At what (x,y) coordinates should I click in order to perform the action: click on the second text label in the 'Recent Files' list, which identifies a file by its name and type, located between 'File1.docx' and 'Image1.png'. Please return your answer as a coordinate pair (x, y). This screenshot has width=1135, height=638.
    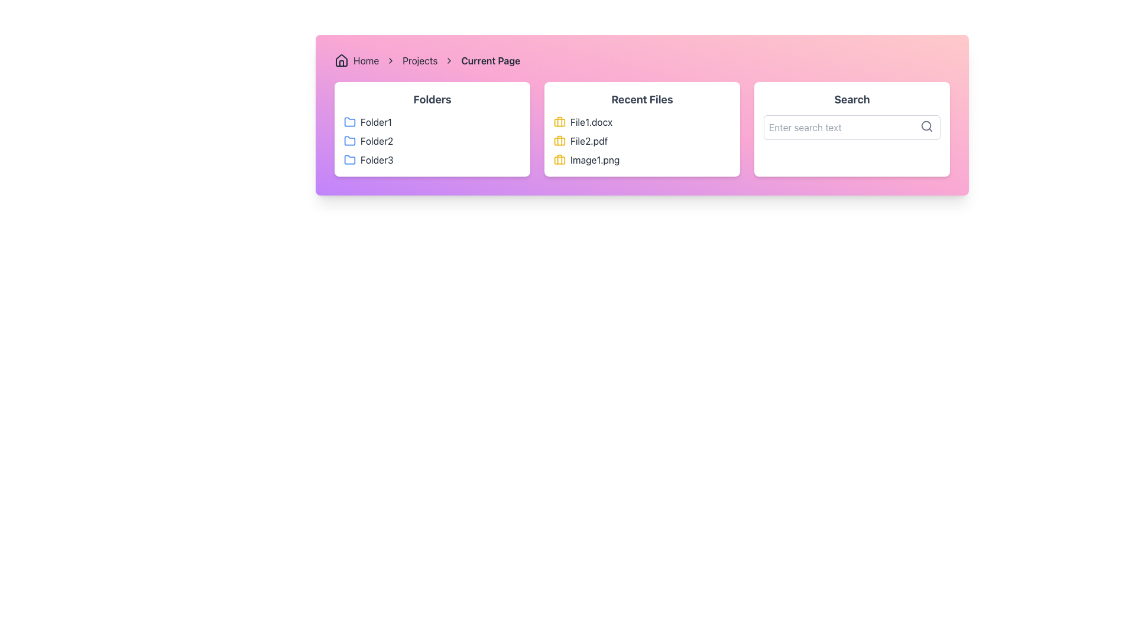
    Looking at the image, I should click on (589, 141).